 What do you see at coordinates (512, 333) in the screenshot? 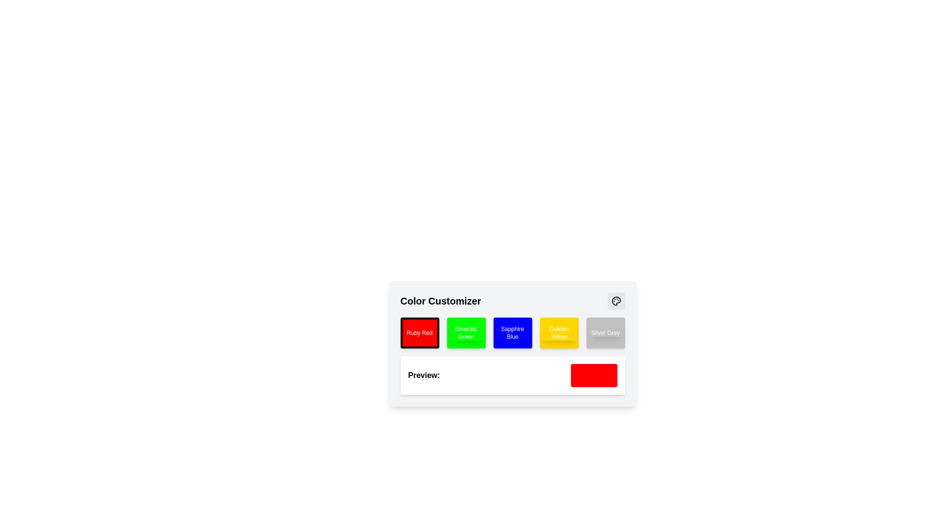
I see `the 'Sapphire Blue' button, which is a deep blue rectangular button displaying the text 'Sapphire Blue' in white font, located between the 'Emerald Green' button on the left and the 'Golden Yellow' button on the right` at bounding box center [512, 333].